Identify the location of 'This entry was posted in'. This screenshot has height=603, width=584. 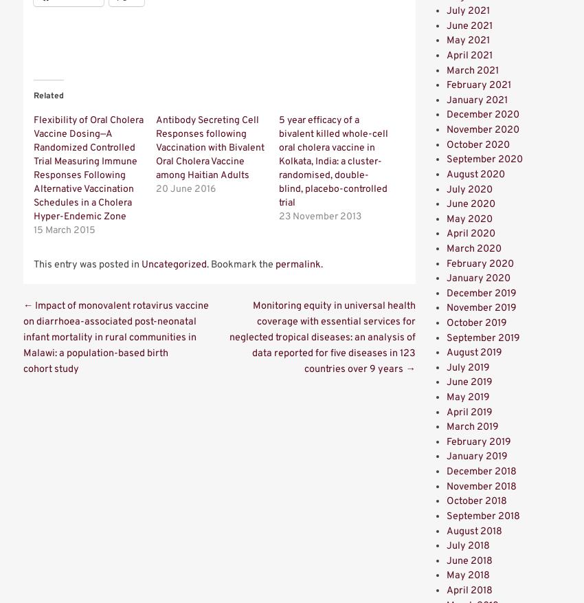
(87, 265).